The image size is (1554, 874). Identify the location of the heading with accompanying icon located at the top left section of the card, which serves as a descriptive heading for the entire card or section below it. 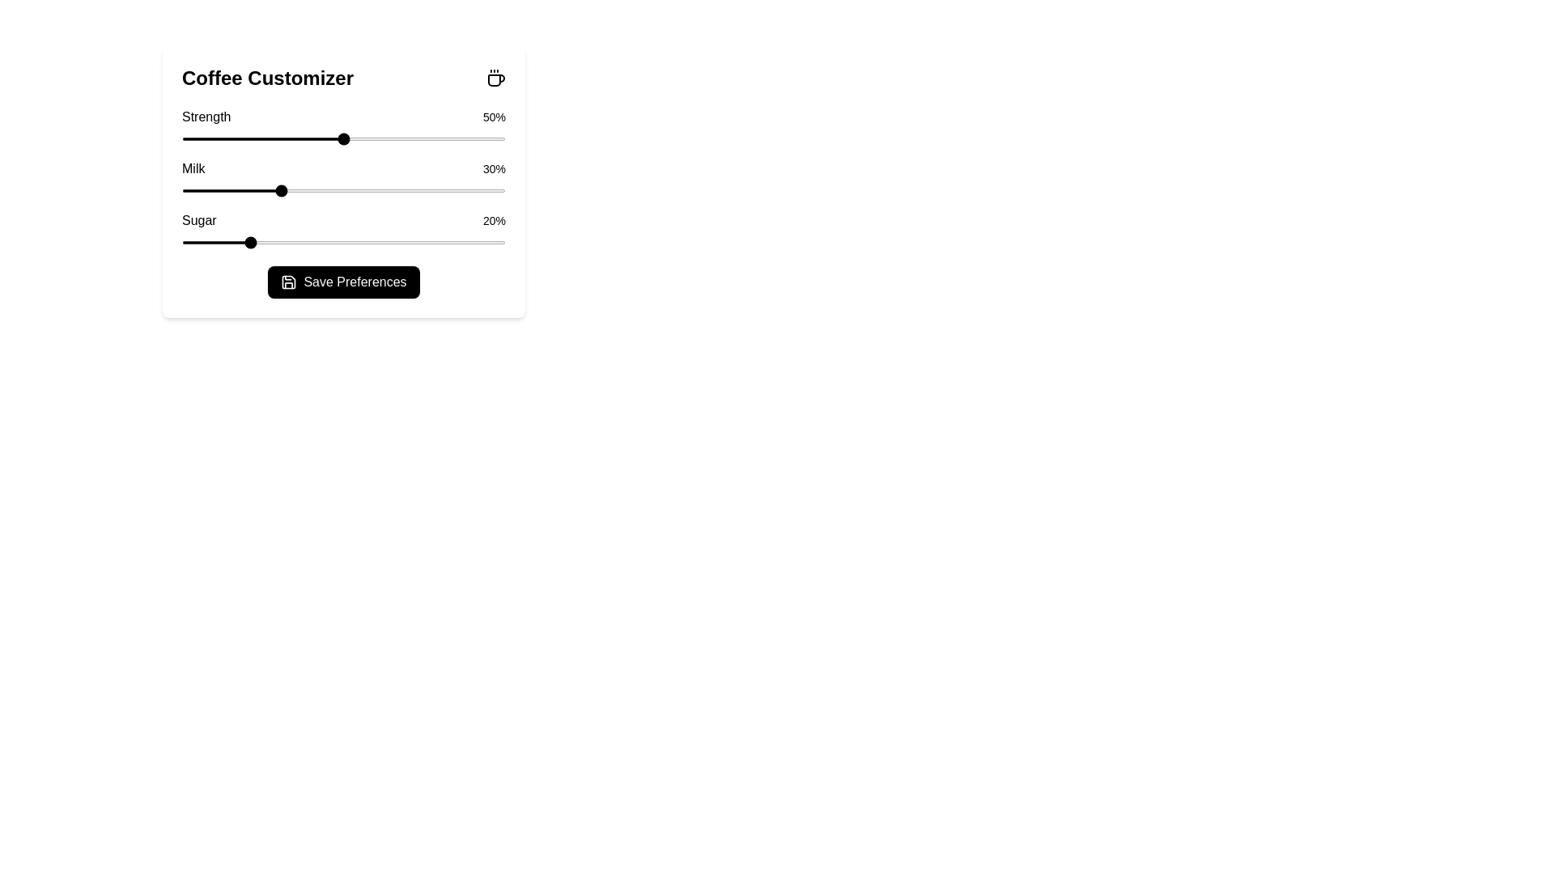
(343, 78).